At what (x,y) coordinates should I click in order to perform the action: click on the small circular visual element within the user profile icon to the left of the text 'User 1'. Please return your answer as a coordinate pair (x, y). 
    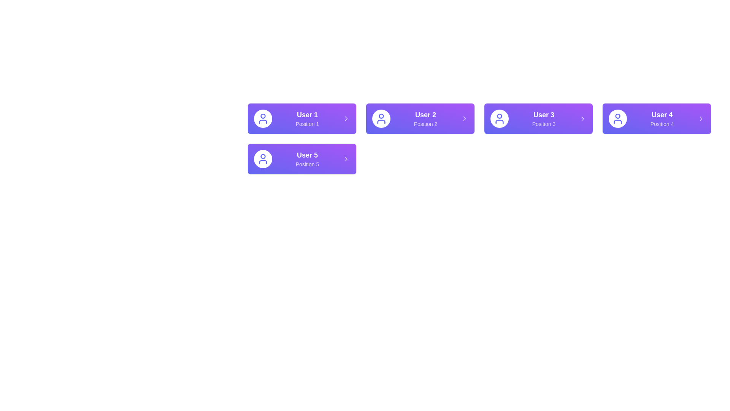
    Looking at the image, I should click on (263, 116).